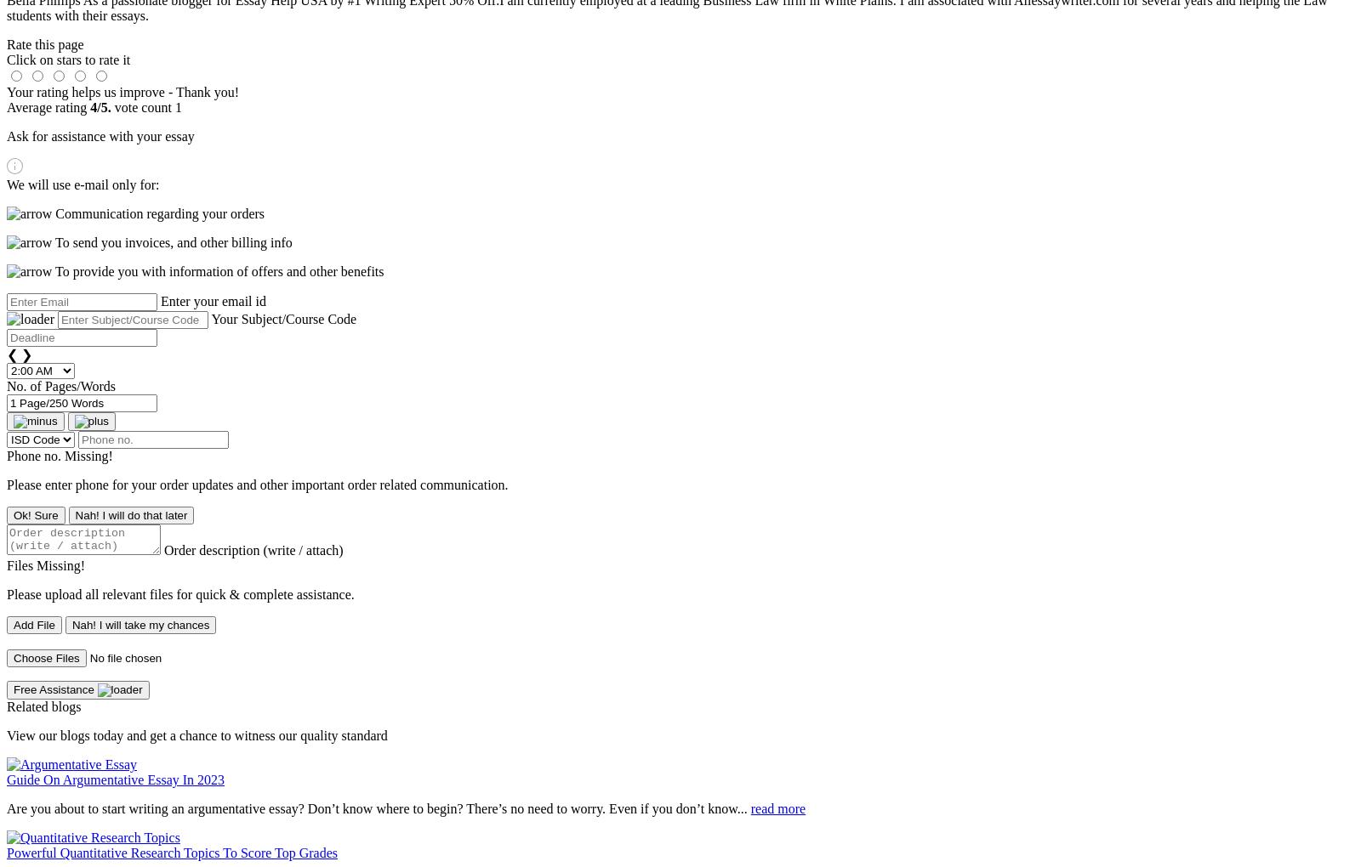 This screenshot has height=867, width=1361. What do you see at coordinates (180, 593) in the screenshot?
I see `'Please upload all relevant files for quick & complete assistance.'` at bounding box center [180, 593].